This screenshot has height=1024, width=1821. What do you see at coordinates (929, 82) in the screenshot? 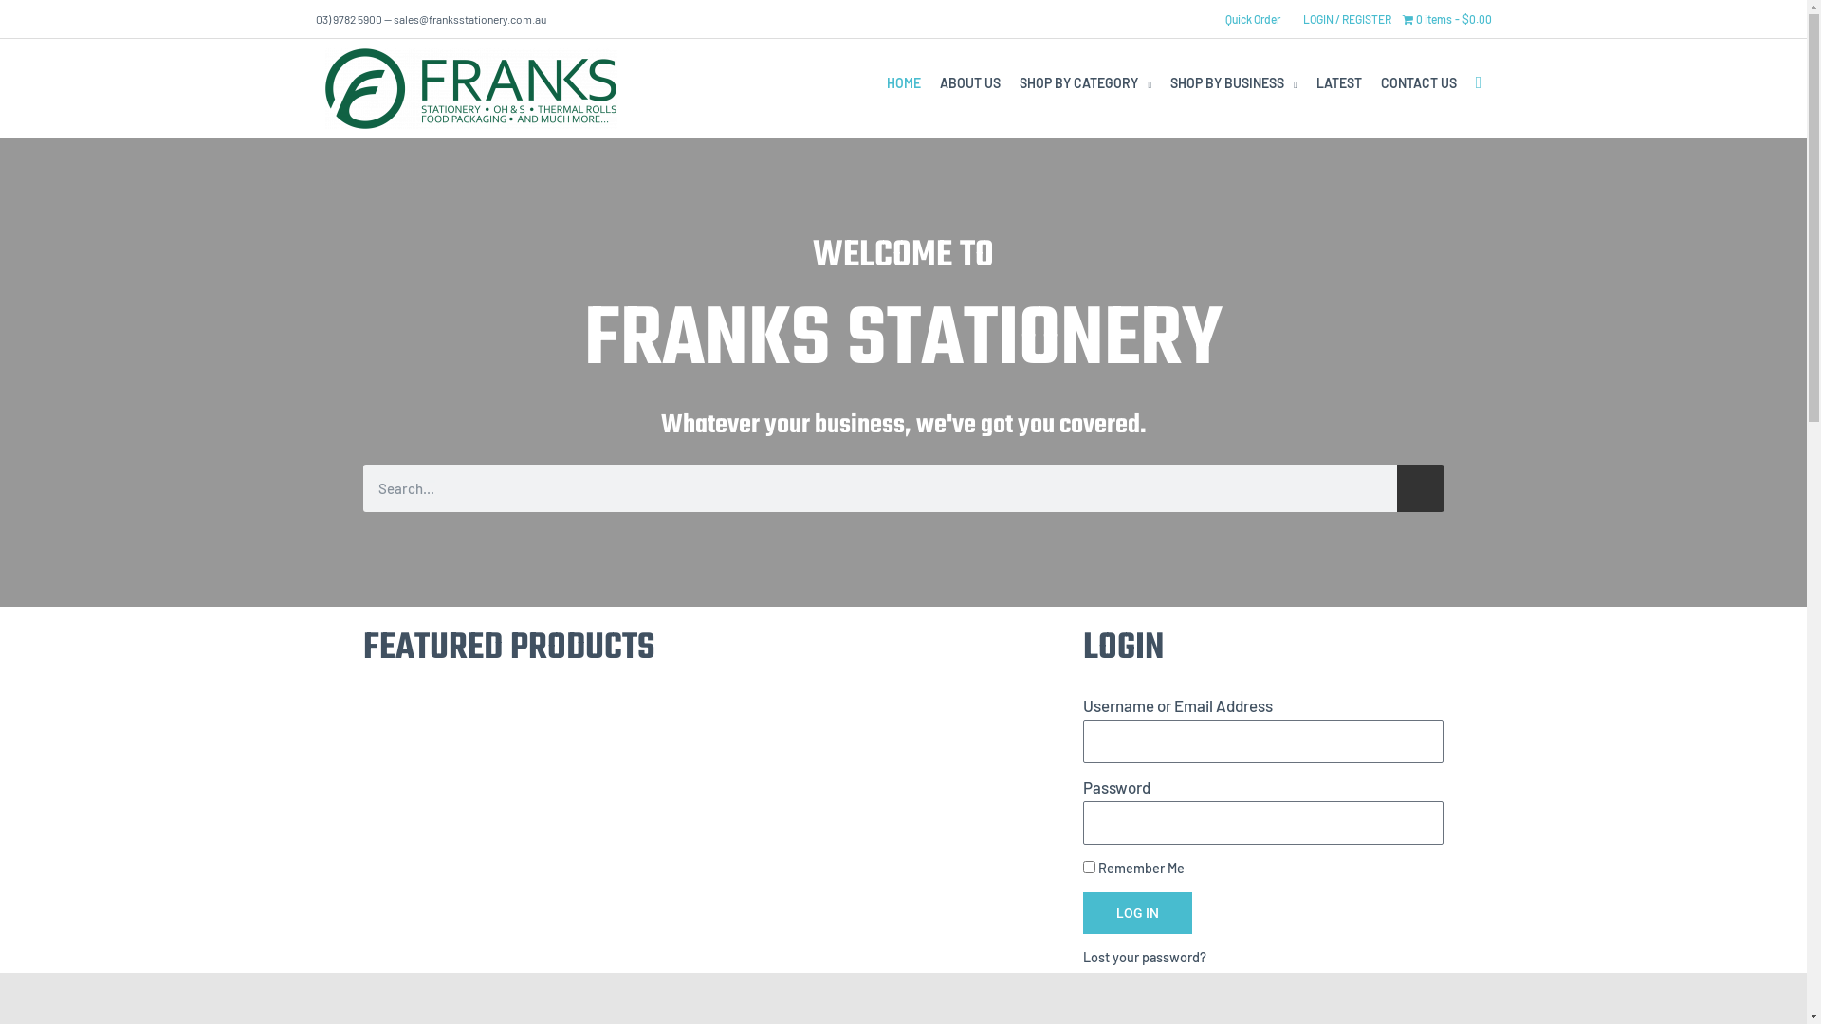
I see `'ABOUT US'` at bounding box center [929, 82].